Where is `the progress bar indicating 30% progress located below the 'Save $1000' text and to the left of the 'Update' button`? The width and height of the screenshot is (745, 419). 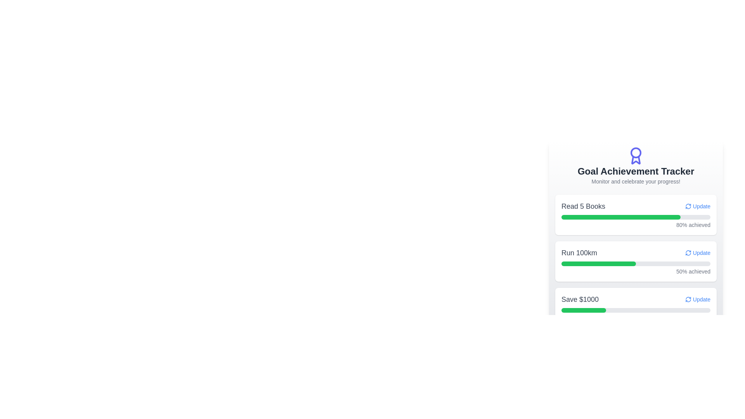 the progress bar indicating 30% progress located below the 'Save $1000' text and to the left of the 'Update' button is located at coordinates (636, 310).